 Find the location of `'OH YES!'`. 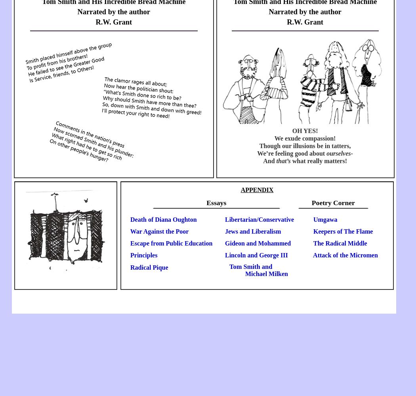

'OH YES!' is located at coordinates (305, 130).